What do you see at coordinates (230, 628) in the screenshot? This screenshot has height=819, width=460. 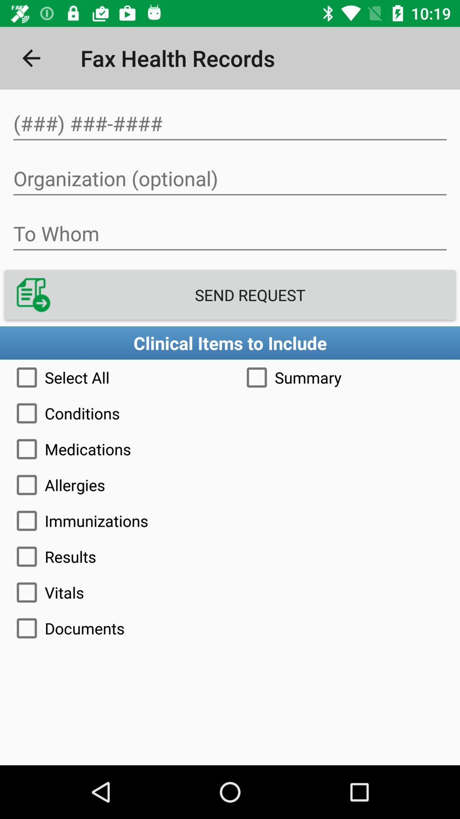 I see `documents icon` at bounding box center [230, 628].